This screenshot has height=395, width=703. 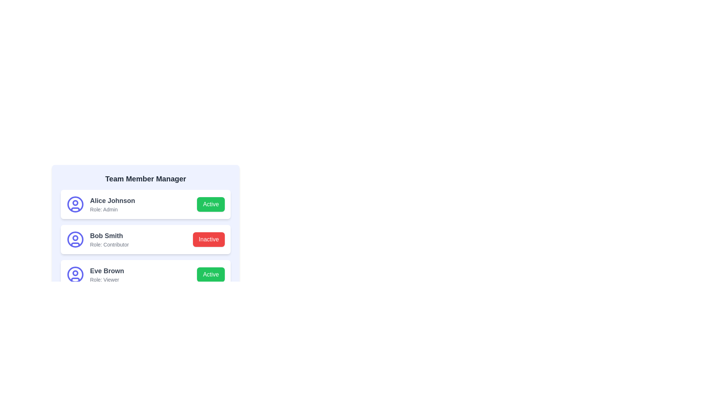 I want to click on the SVG Circle Element that resembles a user's profile icon for 'Bob Smith', so click(x=75, y=238).